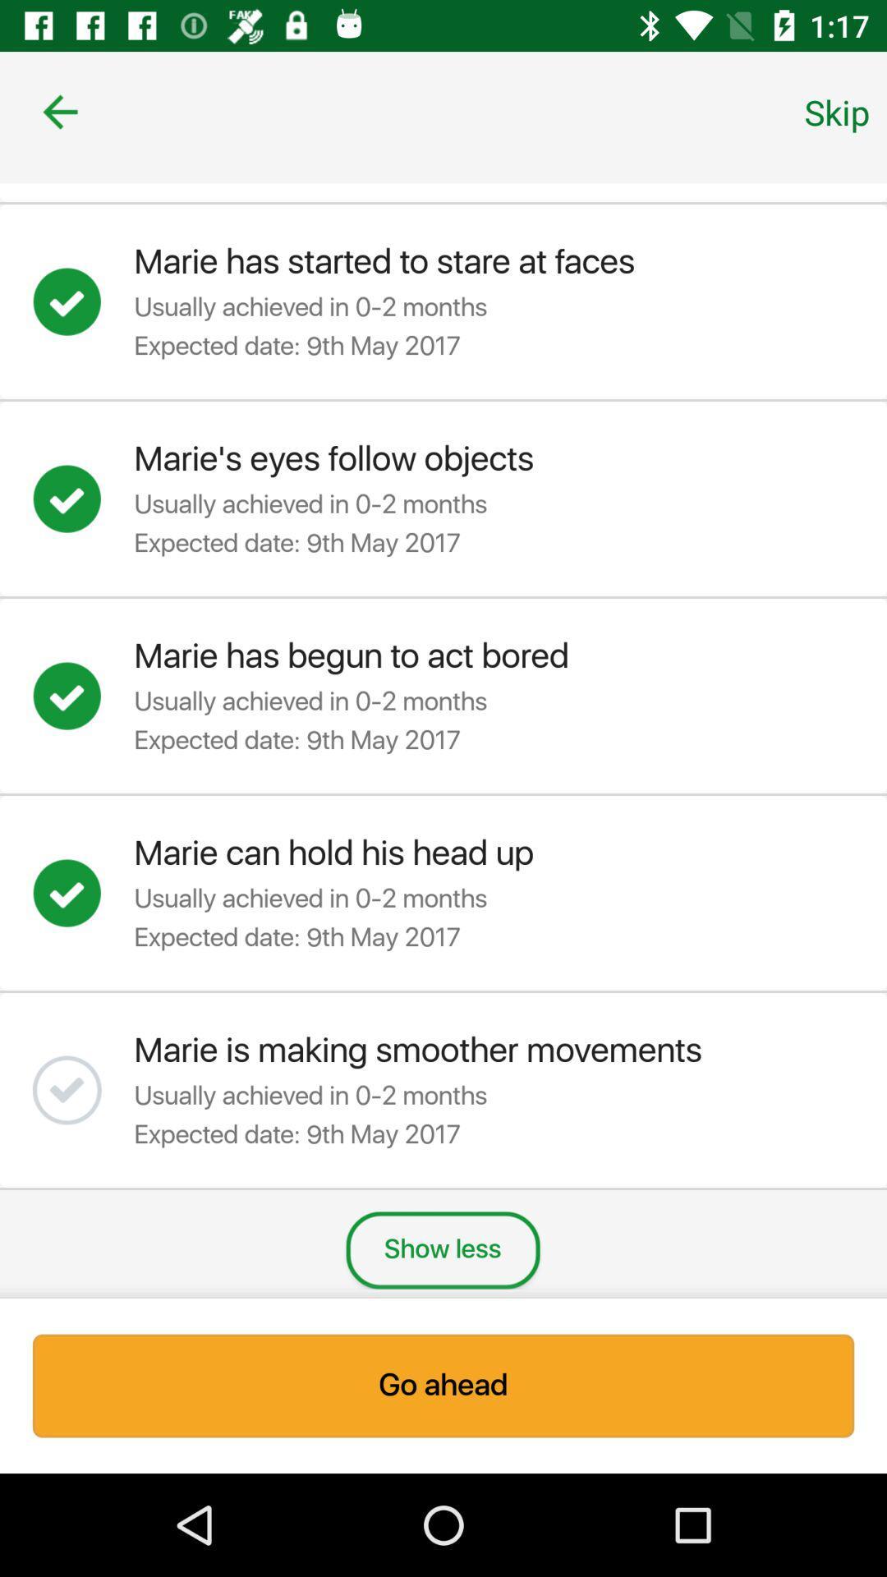 This screenshot has width=887, height=1577. Describe the element at coordinates (83, 301) in the screenshot. I see `stat` at that location.